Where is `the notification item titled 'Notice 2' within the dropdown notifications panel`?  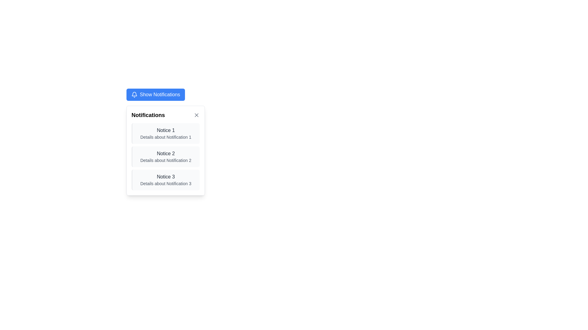 the notification item titled 'Notice 2' within the dropdown notifications panel is located at coordinates (165, 151).